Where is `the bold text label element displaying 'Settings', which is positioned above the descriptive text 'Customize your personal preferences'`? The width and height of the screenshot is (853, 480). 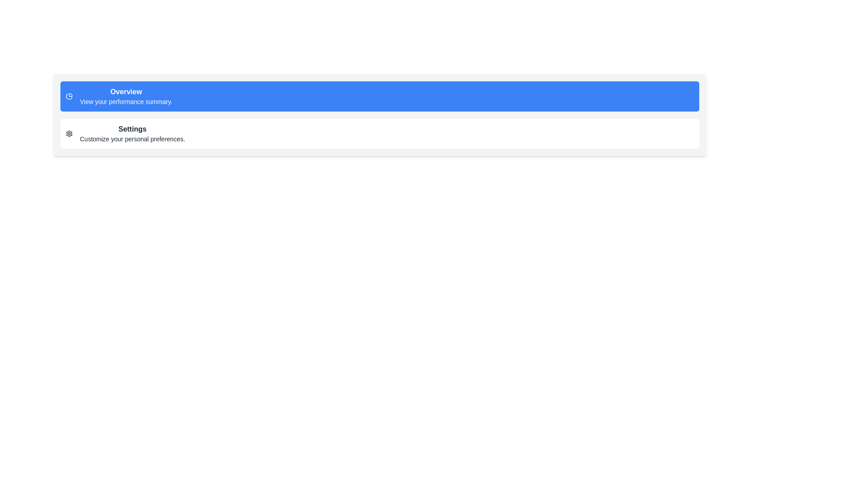 the bold text label element displaying 'Settings', which is positioned above the descriptive text 'Customize your personal preferences' is located at coordinates (132, 129).